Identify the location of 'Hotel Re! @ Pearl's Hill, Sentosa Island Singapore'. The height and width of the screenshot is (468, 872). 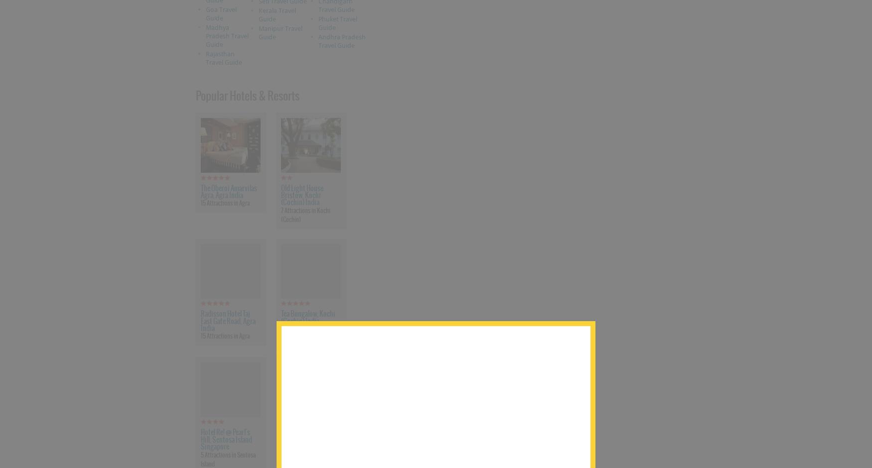
(226, 439).